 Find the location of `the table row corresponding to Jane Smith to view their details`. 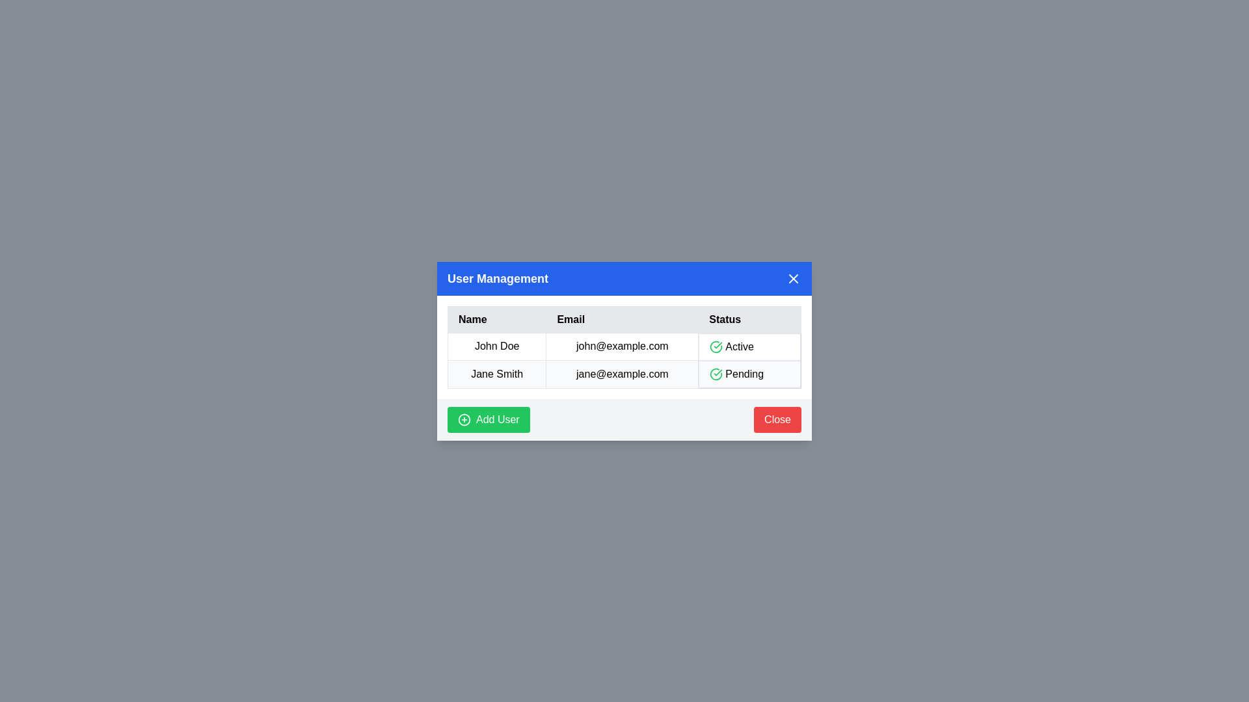

the table row corresponding to Jane Smith to view their details is located at coordinates (496, 374).